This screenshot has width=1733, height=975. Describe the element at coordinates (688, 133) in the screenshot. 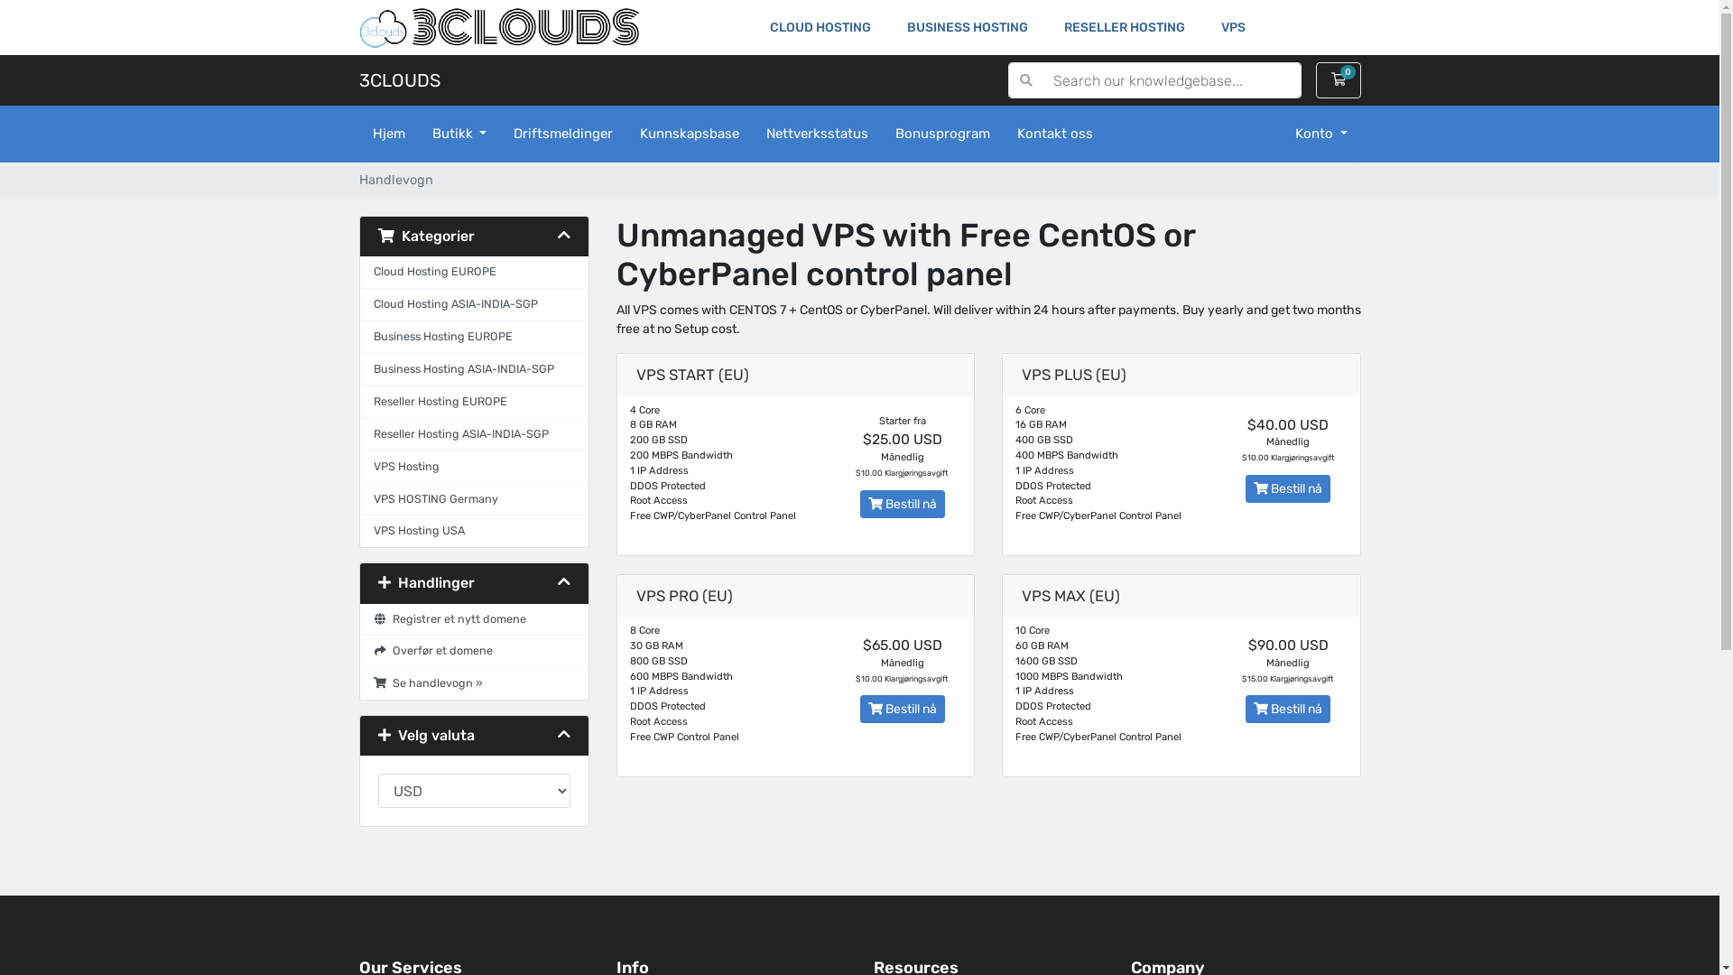

I see `'Kunnskapsbase'` at that location.